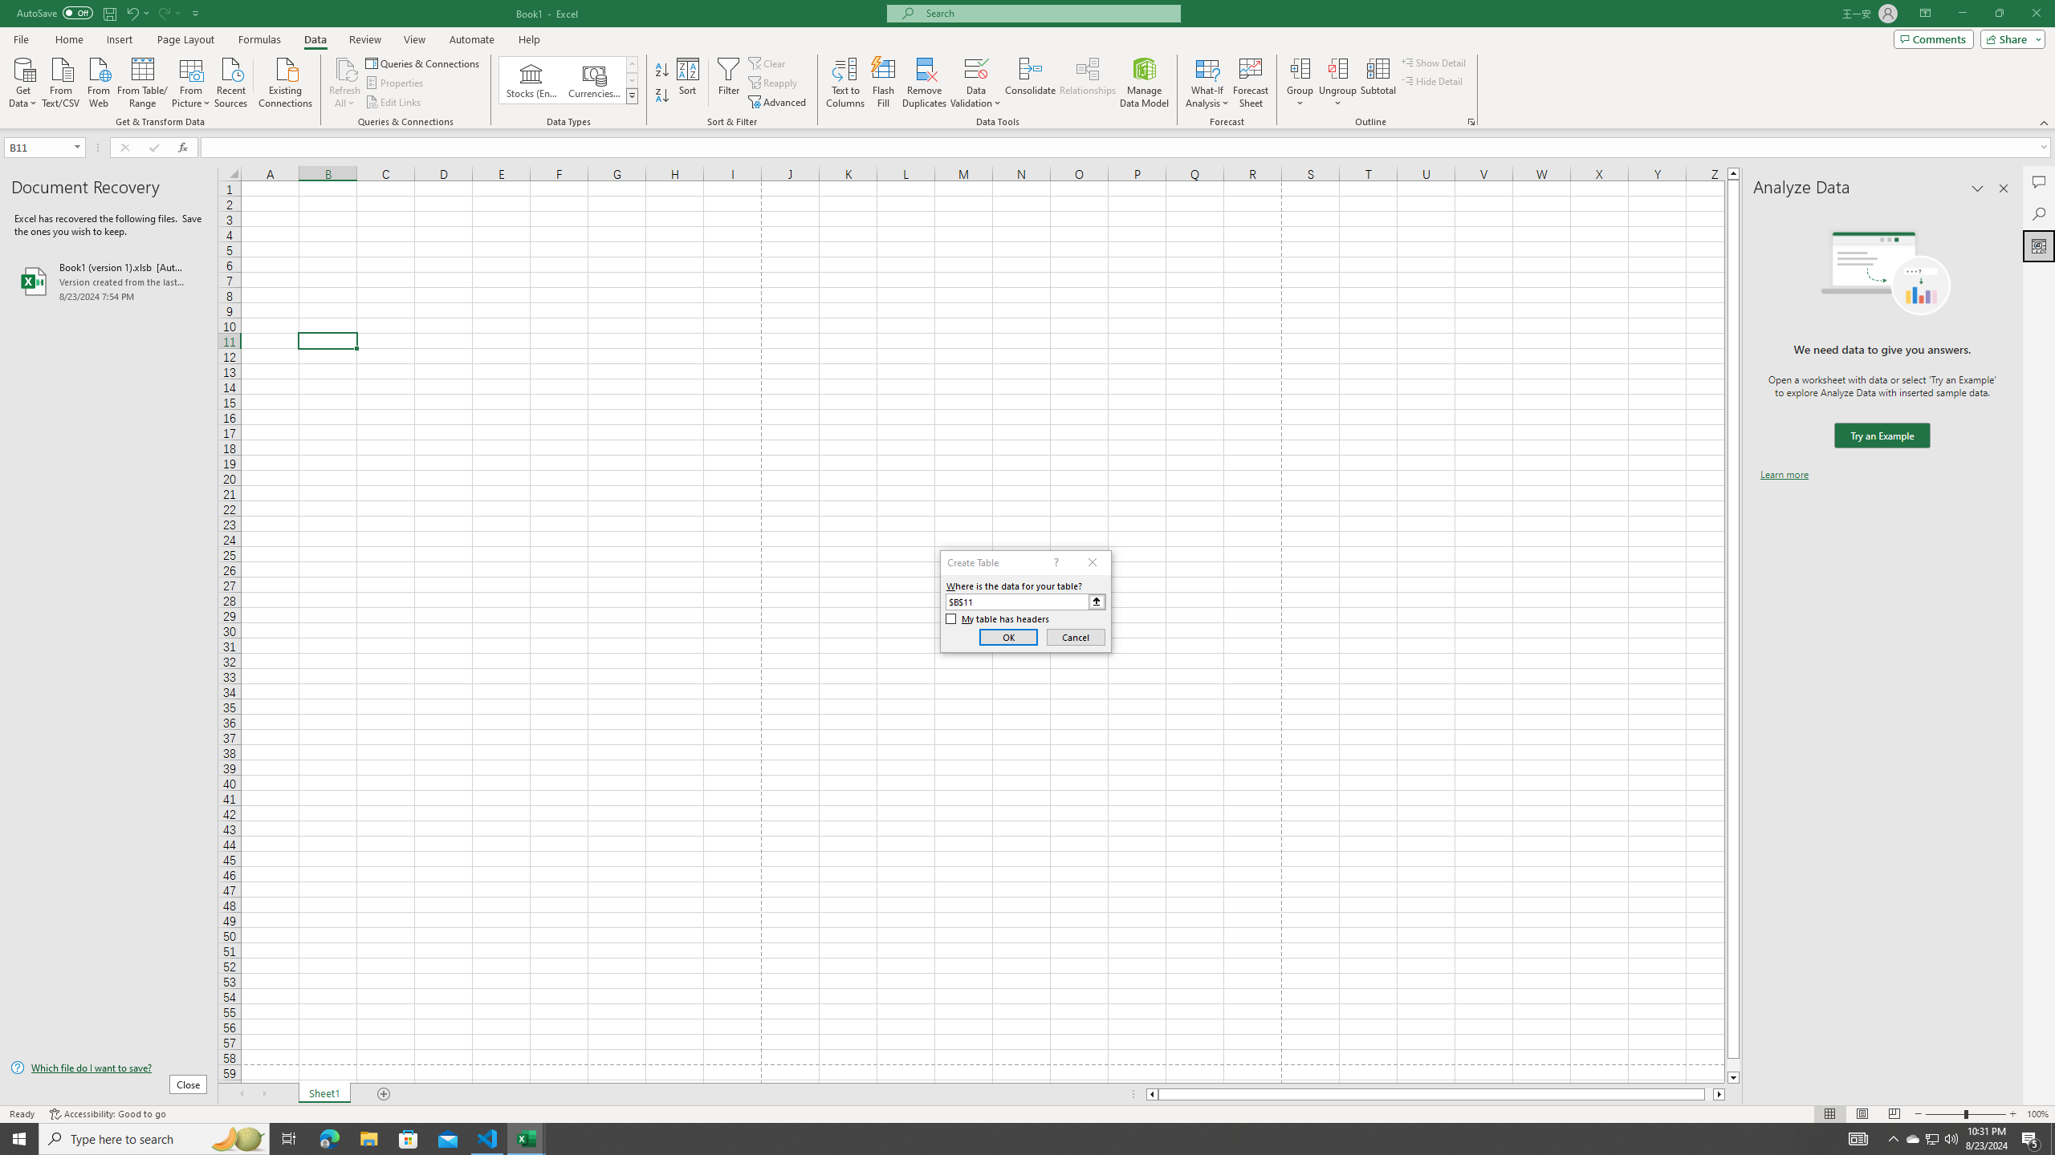 Image resolution: width=2055 pixels, height=1155 pixels. I want to click on 'Insert', so click(118, 39).